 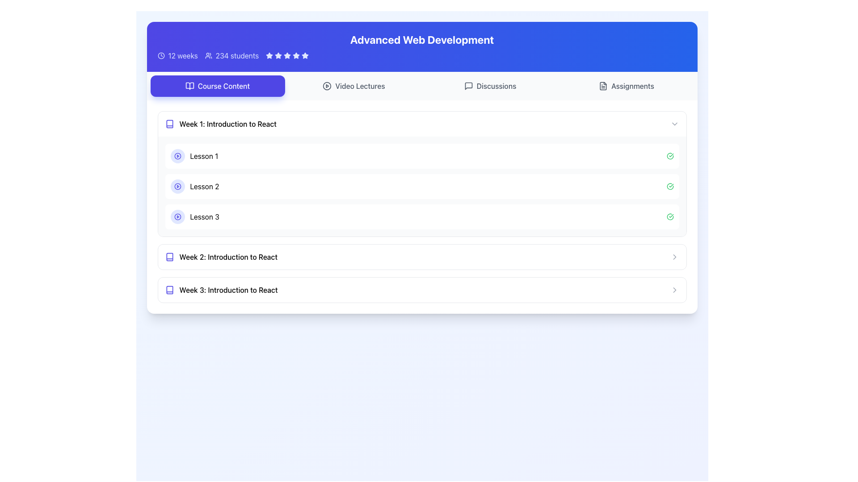 I want to click on the text label that serves as the section title for 'Week 2: Introduction to React', which is positioned below 'Week 1: Introduction to React' and above 'Week 3: Introduction to React', so click(x=228, y=257).